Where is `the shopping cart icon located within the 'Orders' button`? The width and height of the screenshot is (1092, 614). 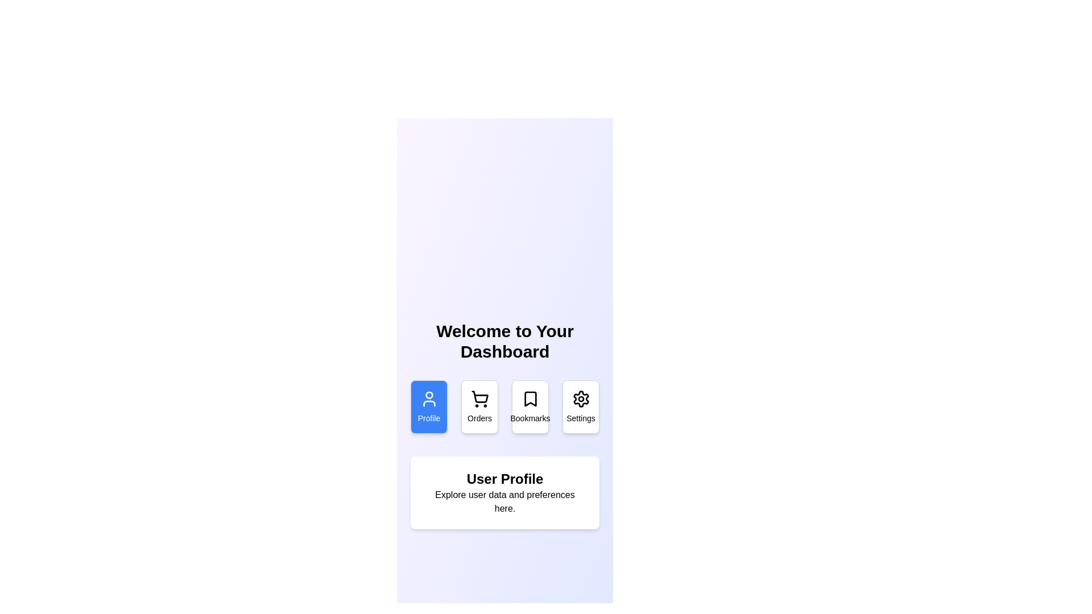 the shopping cart icon located within the 'Orders' button is located at coordinates (479, 396).